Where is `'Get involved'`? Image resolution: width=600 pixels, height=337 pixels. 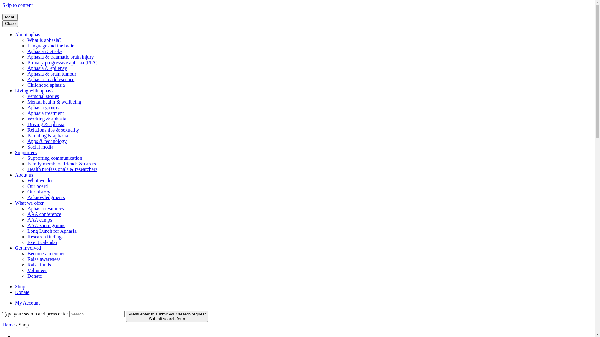
'Get involved' is located at coordinates (15, 247).